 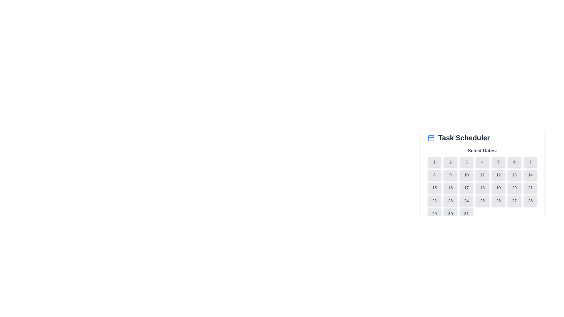 I want to click on the blue-colored calendar icon located to the left of the 'Task Scheduler' heading, so click(x=431, y=138).